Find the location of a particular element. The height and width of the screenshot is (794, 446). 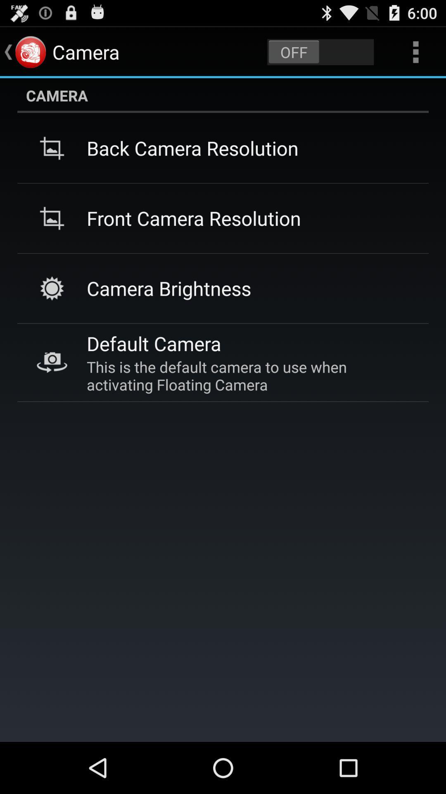

the icon which is left to the back camera resolution is located at coordinates (52, 148).